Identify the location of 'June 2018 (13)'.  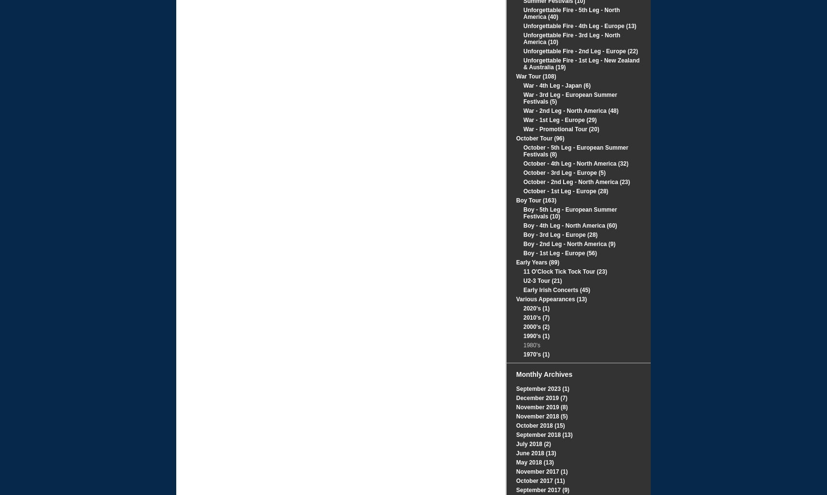
(536, 453).